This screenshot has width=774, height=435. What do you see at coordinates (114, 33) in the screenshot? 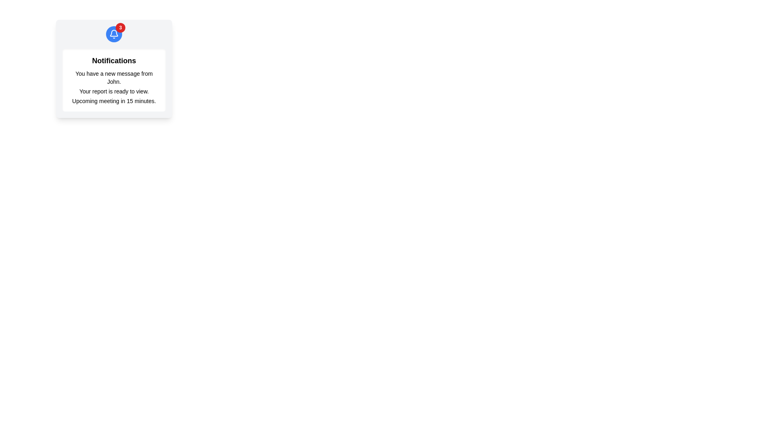
I see `the blue bell icon located centrally in the notification area` at bounding box center [114, 33].